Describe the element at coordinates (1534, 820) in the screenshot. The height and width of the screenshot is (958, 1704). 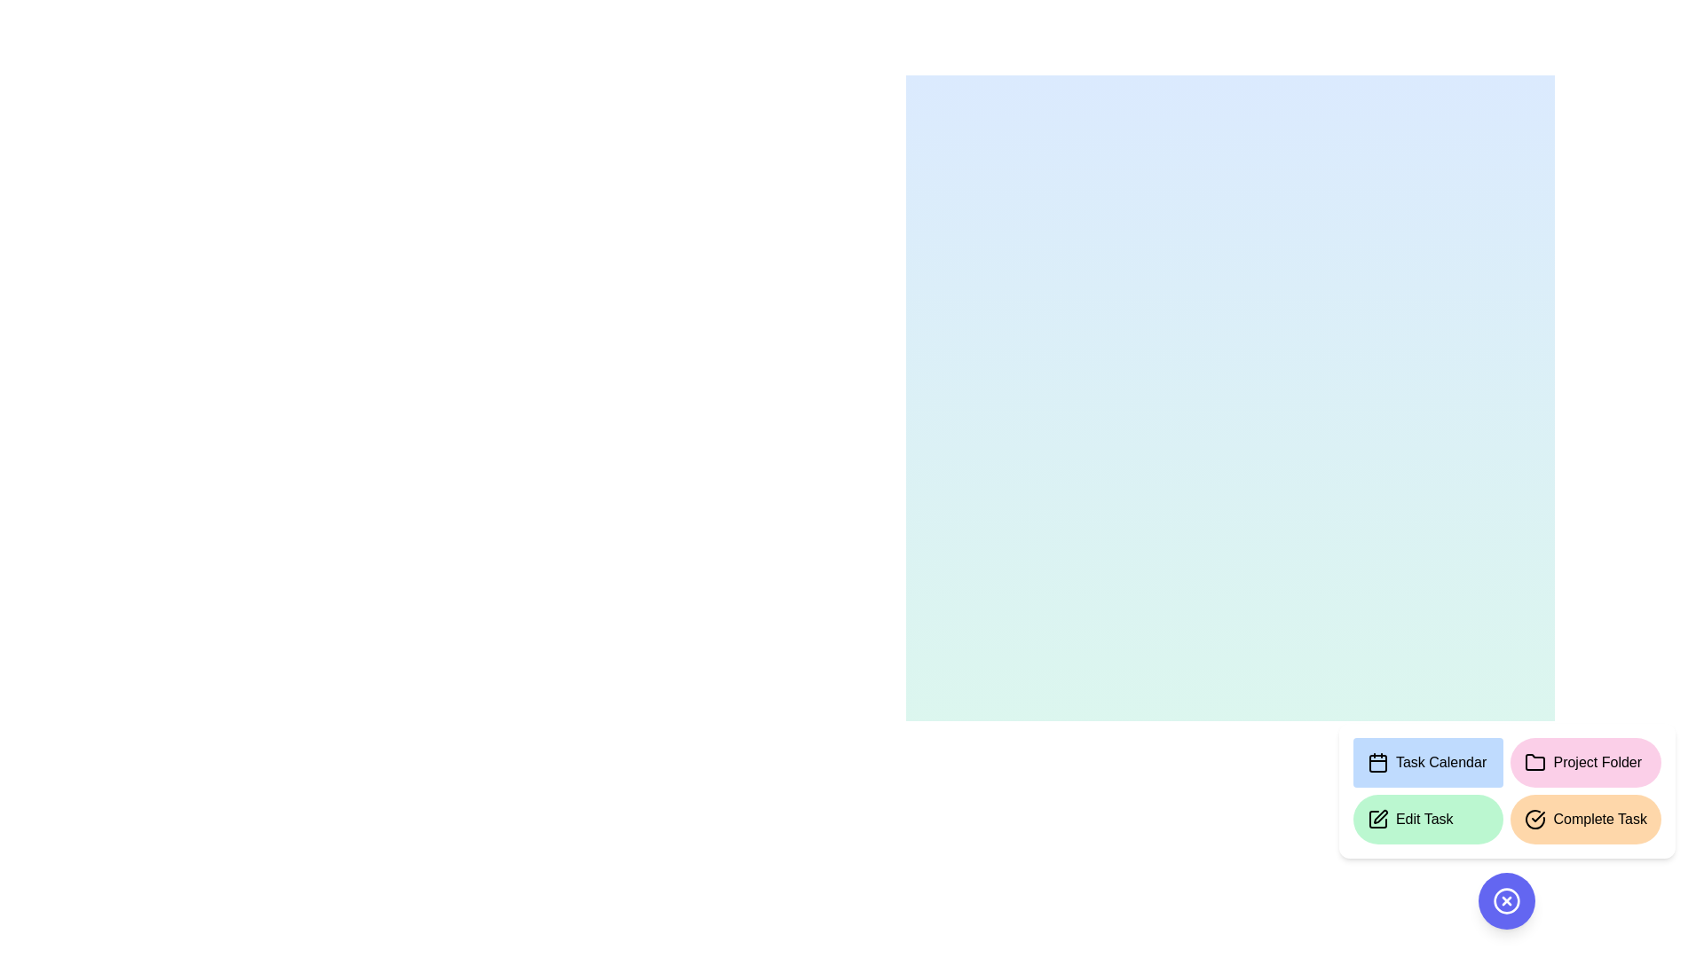
I see `the checkmark icon within the 'Complete Task' button, which is a rounded rectangular button with an orange background located at the bottom-right of the interface` at that location.